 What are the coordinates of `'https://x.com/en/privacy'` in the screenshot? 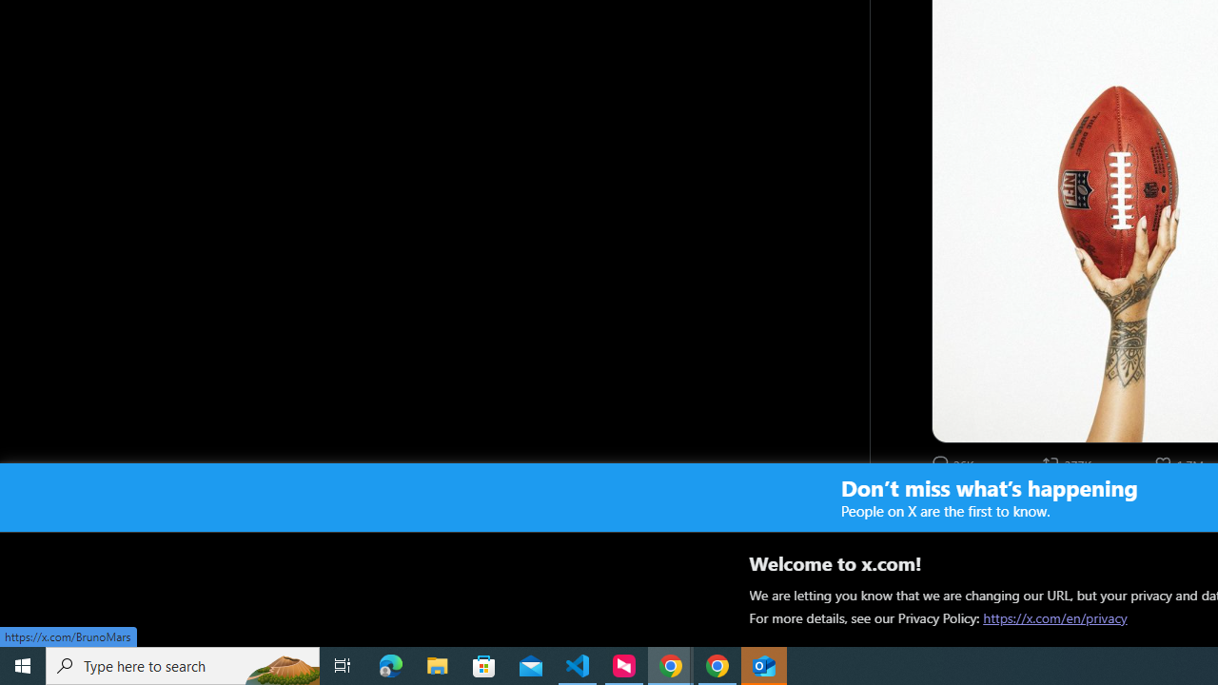 It's located at (1054, 617).